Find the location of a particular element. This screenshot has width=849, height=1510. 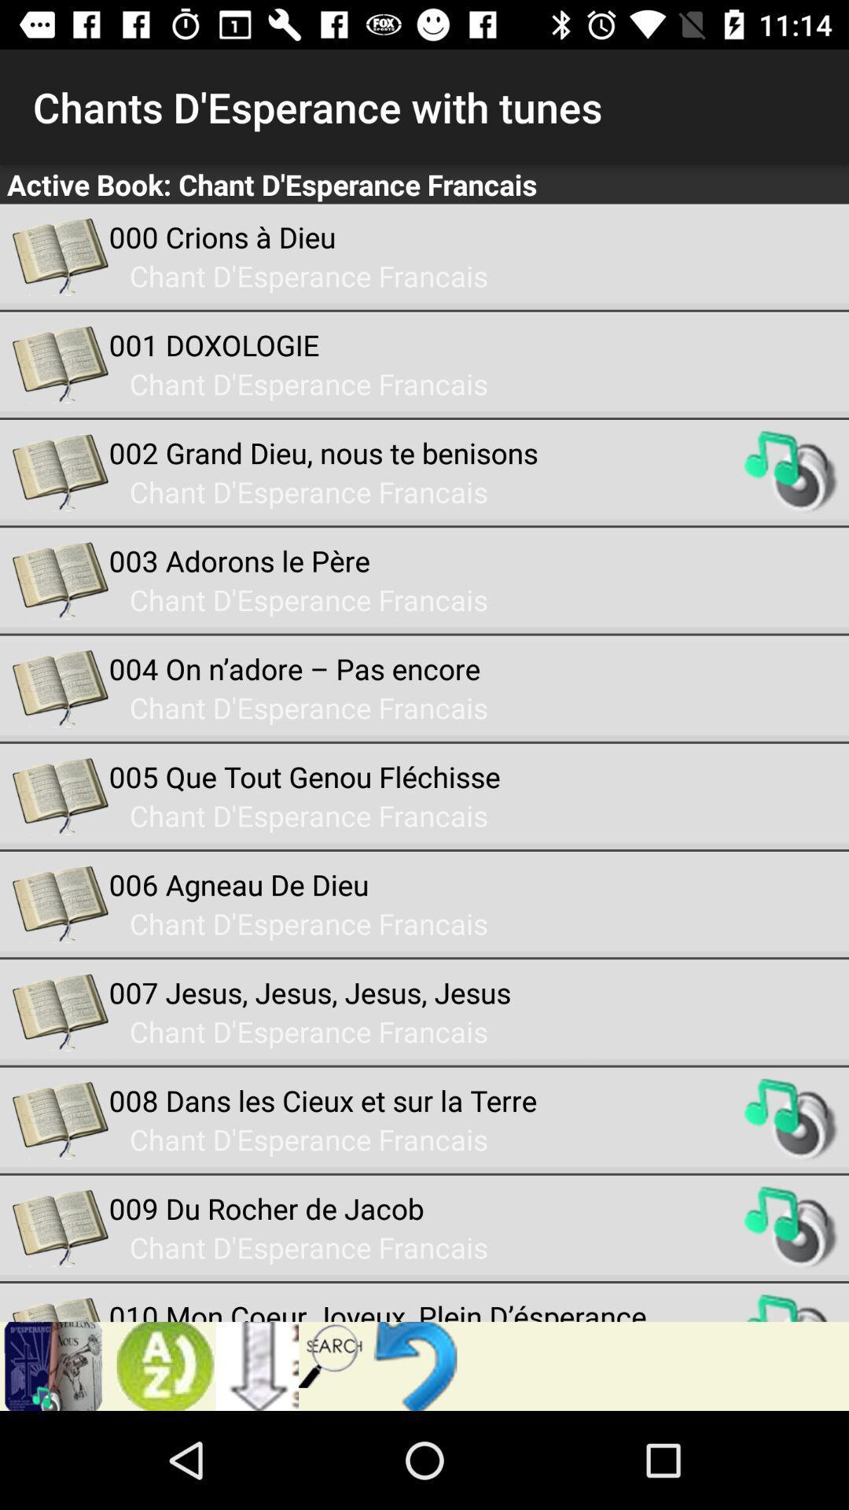

icon below the 010 mon coeur app is located at coordinates (331, 1353).